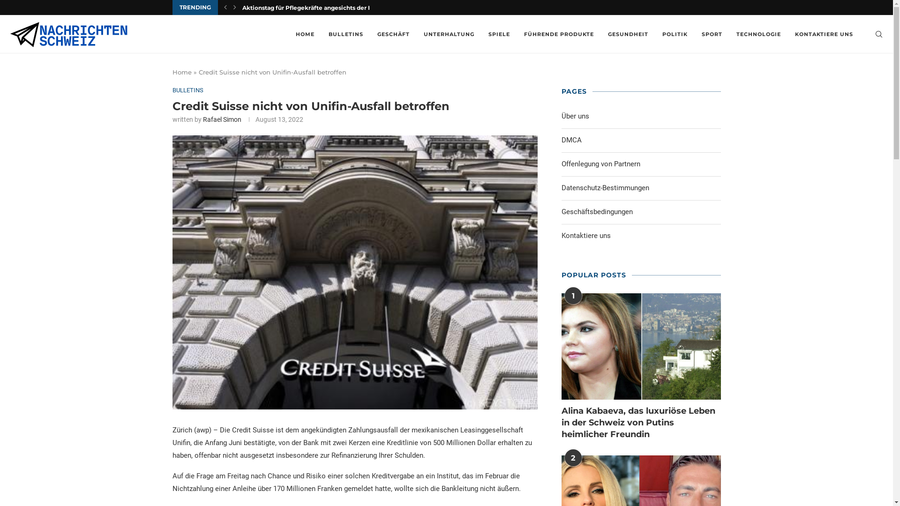  Describe the element at coordinates (562, 163) in the screenshot. I see `'Offenlegung von Partnern'` at that location.